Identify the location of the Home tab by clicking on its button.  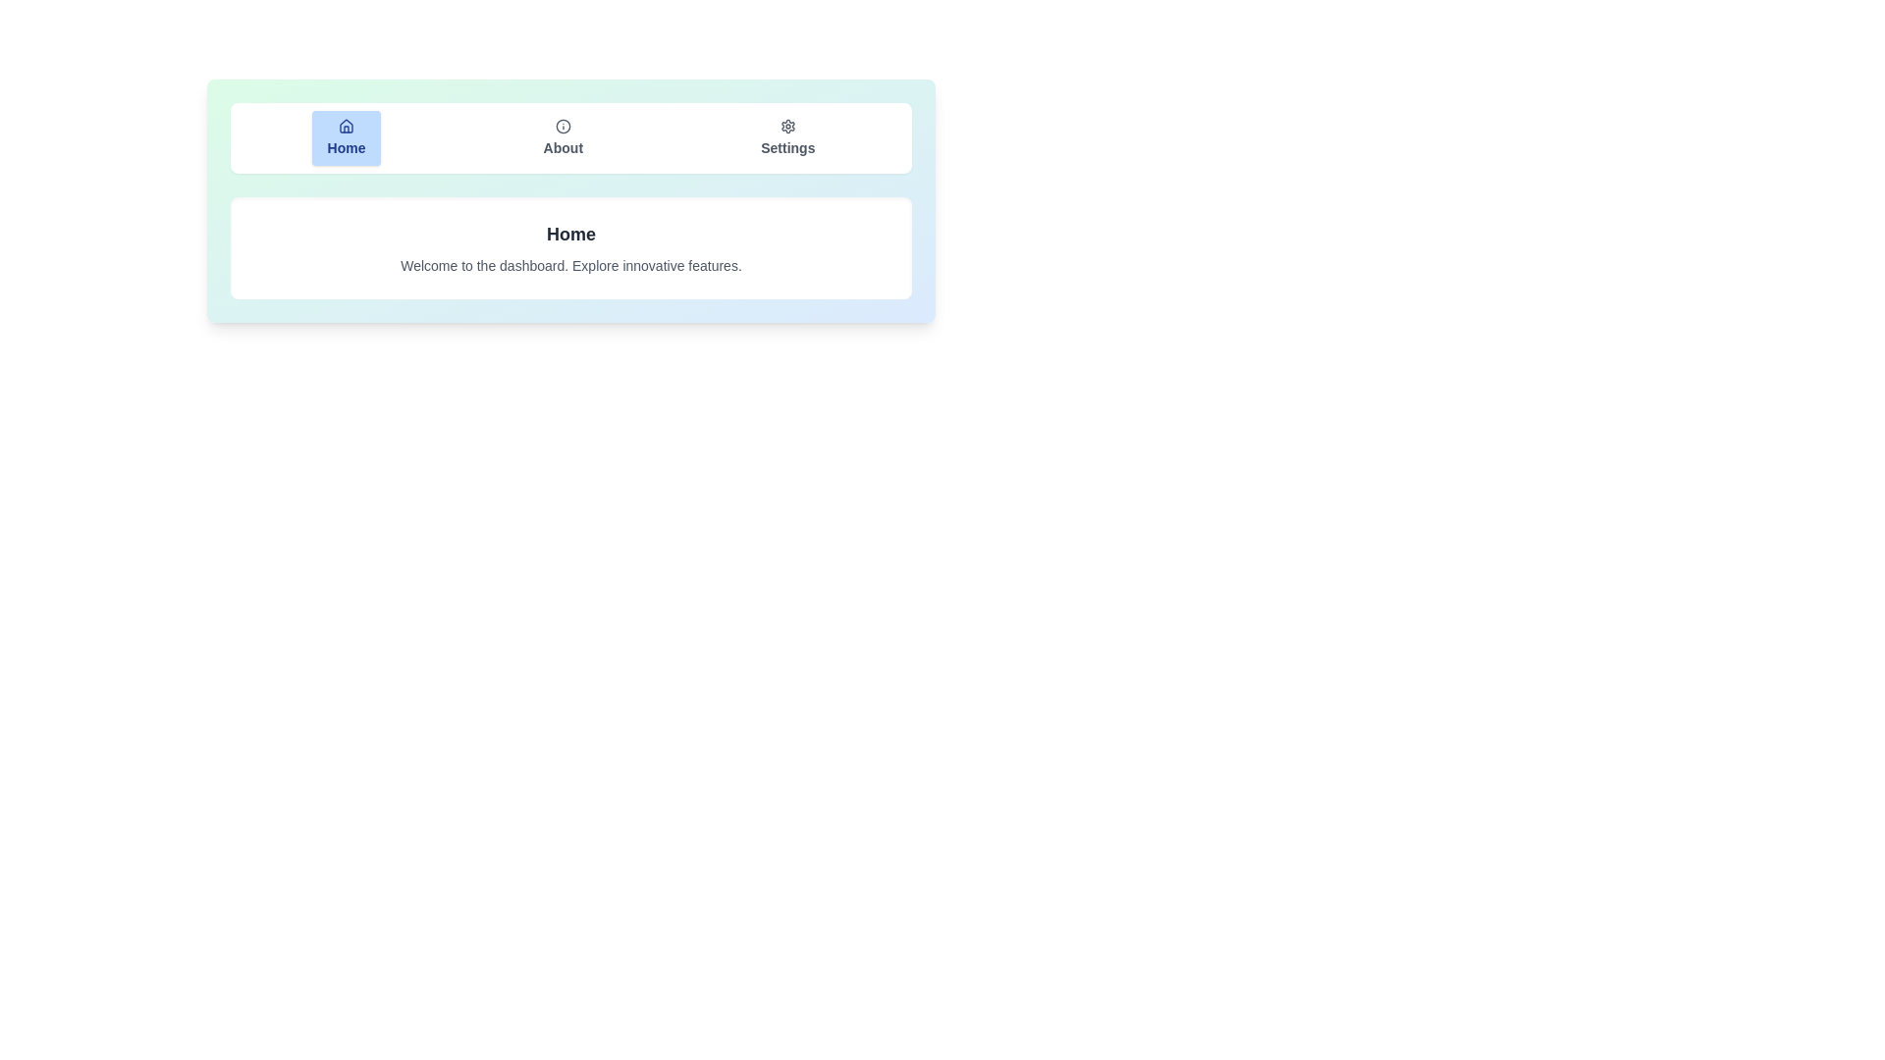
(347, 137).